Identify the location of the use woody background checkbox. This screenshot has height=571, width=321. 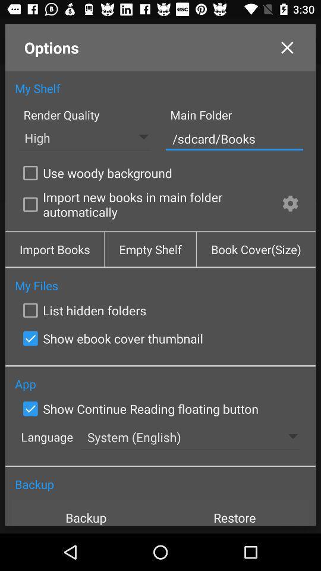
(95, 172).